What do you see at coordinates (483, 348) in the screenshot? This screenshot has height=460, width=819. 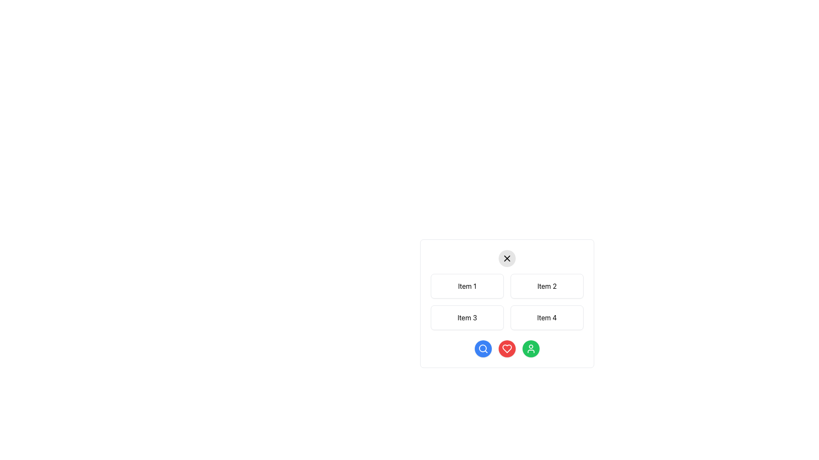 I see `the circular blue search button with a magnifying glass icon, positioned as the first button in a horizontal list at the bottom of the card interface for keyboard navigation` at bounding box center [483, 348].